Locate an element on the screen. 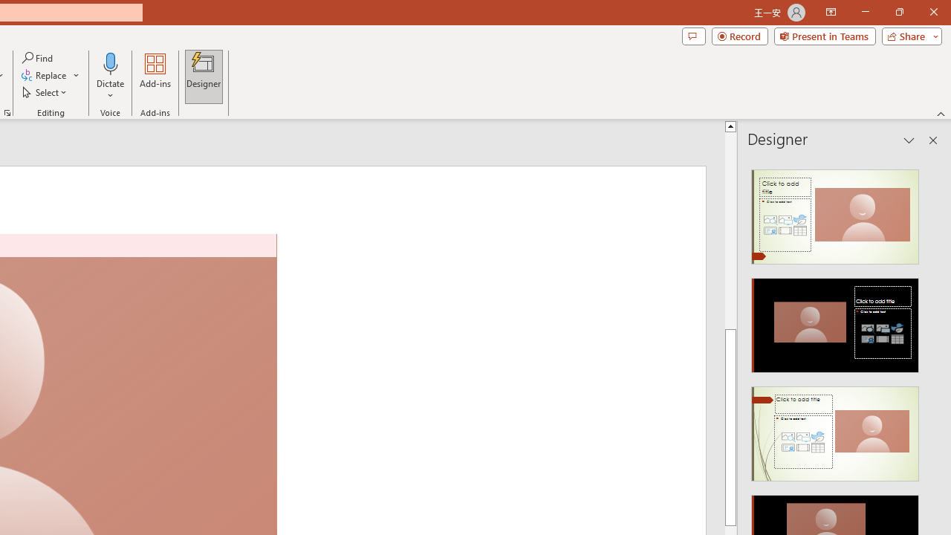  'Ribbon Display Options' is located at coordinates (830, 12).